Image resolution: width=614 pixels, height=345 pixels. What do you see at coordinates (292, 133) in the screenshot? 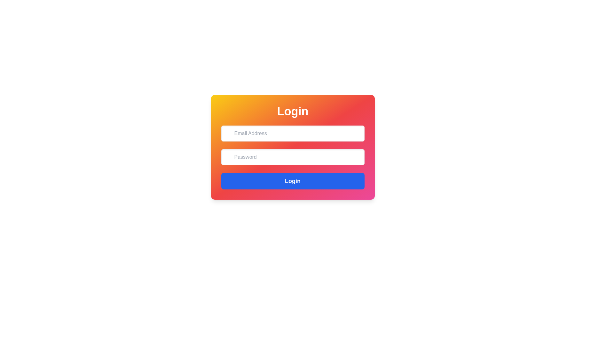
I see `the text input field for 'Email Address', which is styled with rounded corners and an envelope icon on the left, located beneath the 'Login' header` at bounding box center [292, 133].